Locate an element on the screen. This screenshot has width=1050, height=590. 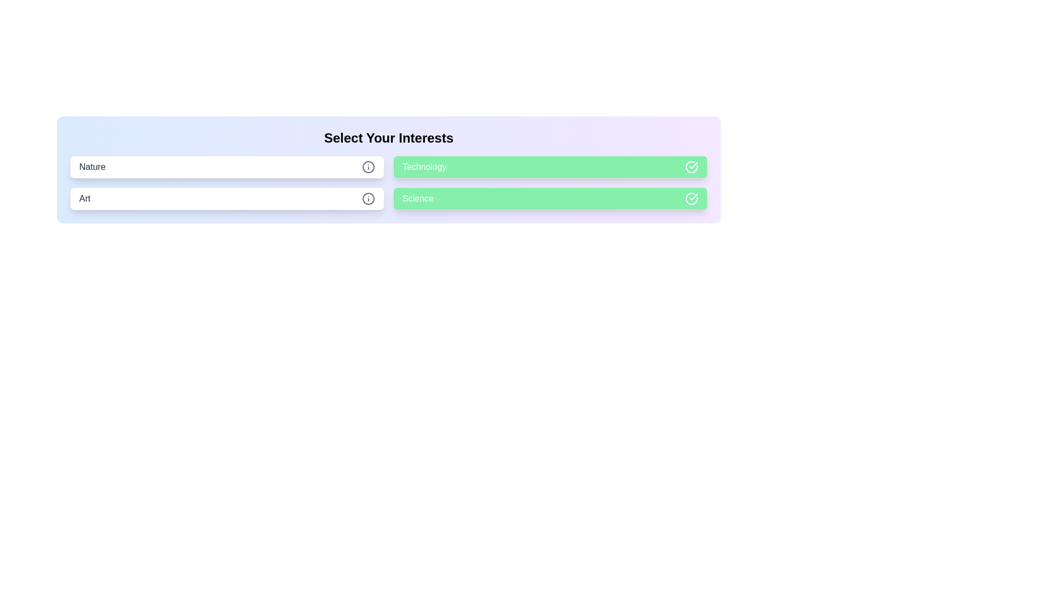
the chip labeled 'Science' is located at coordinates (550, 198).